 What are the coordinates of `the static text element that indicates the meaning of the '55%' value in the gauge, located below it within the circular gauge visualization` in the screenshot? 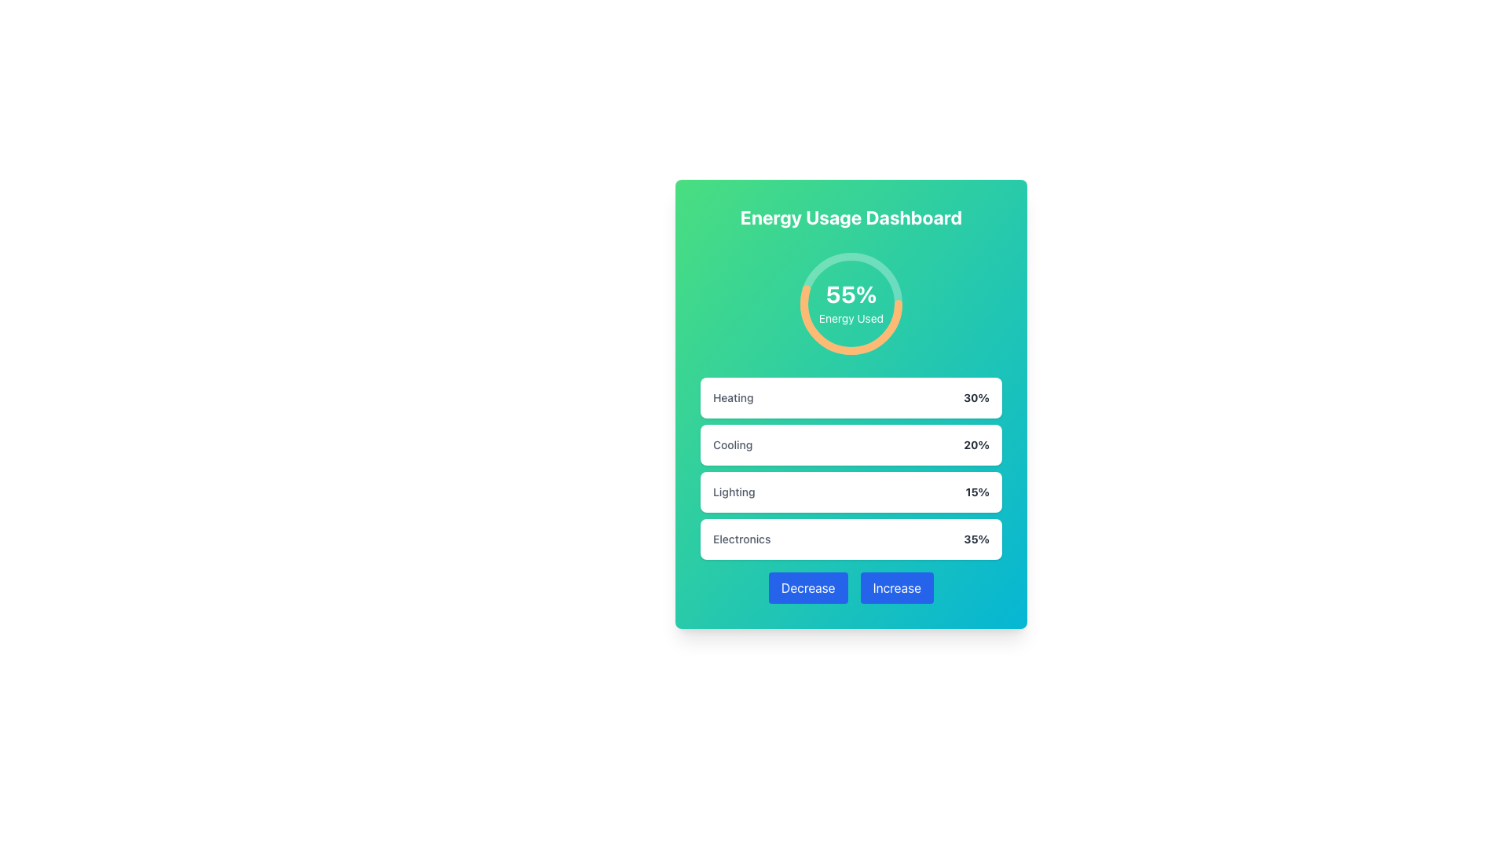 It's located at (851, 318).